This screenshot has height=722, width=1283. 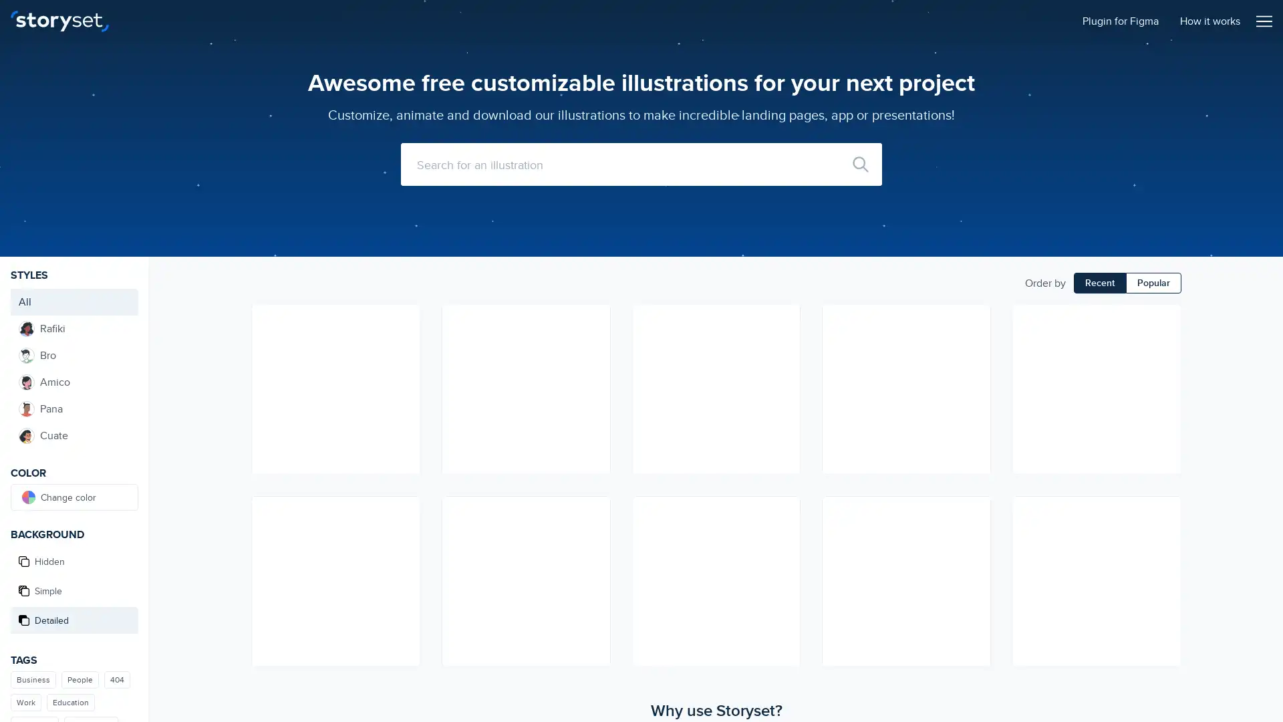 What do you see at coordinates (1163, 560) in the screenshot?
I see `Pinterest icon Save` at bounding box center [1163, 560].